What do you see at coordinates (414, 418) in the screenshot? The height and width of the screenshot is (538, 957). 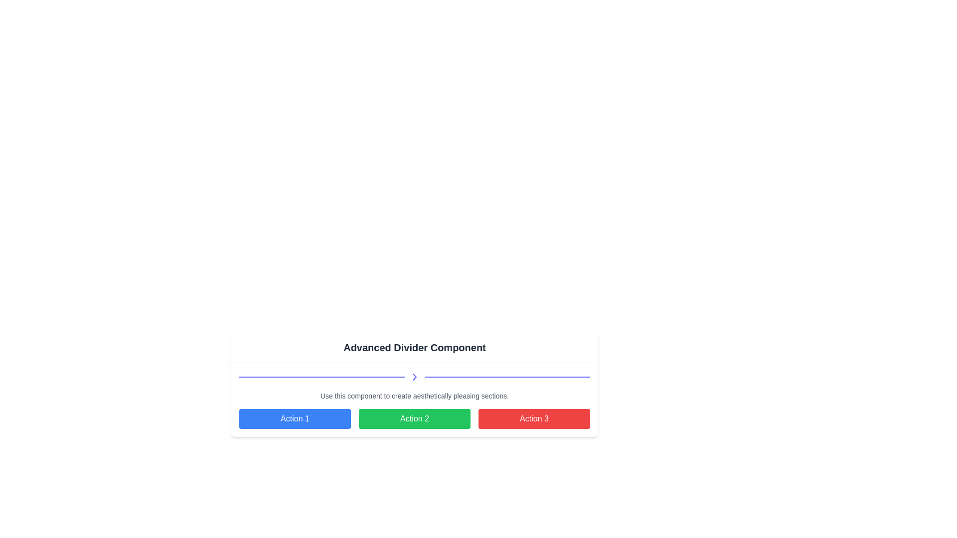 I see `the green button labeled 'Action 2'` at bounding box center [414, 418].